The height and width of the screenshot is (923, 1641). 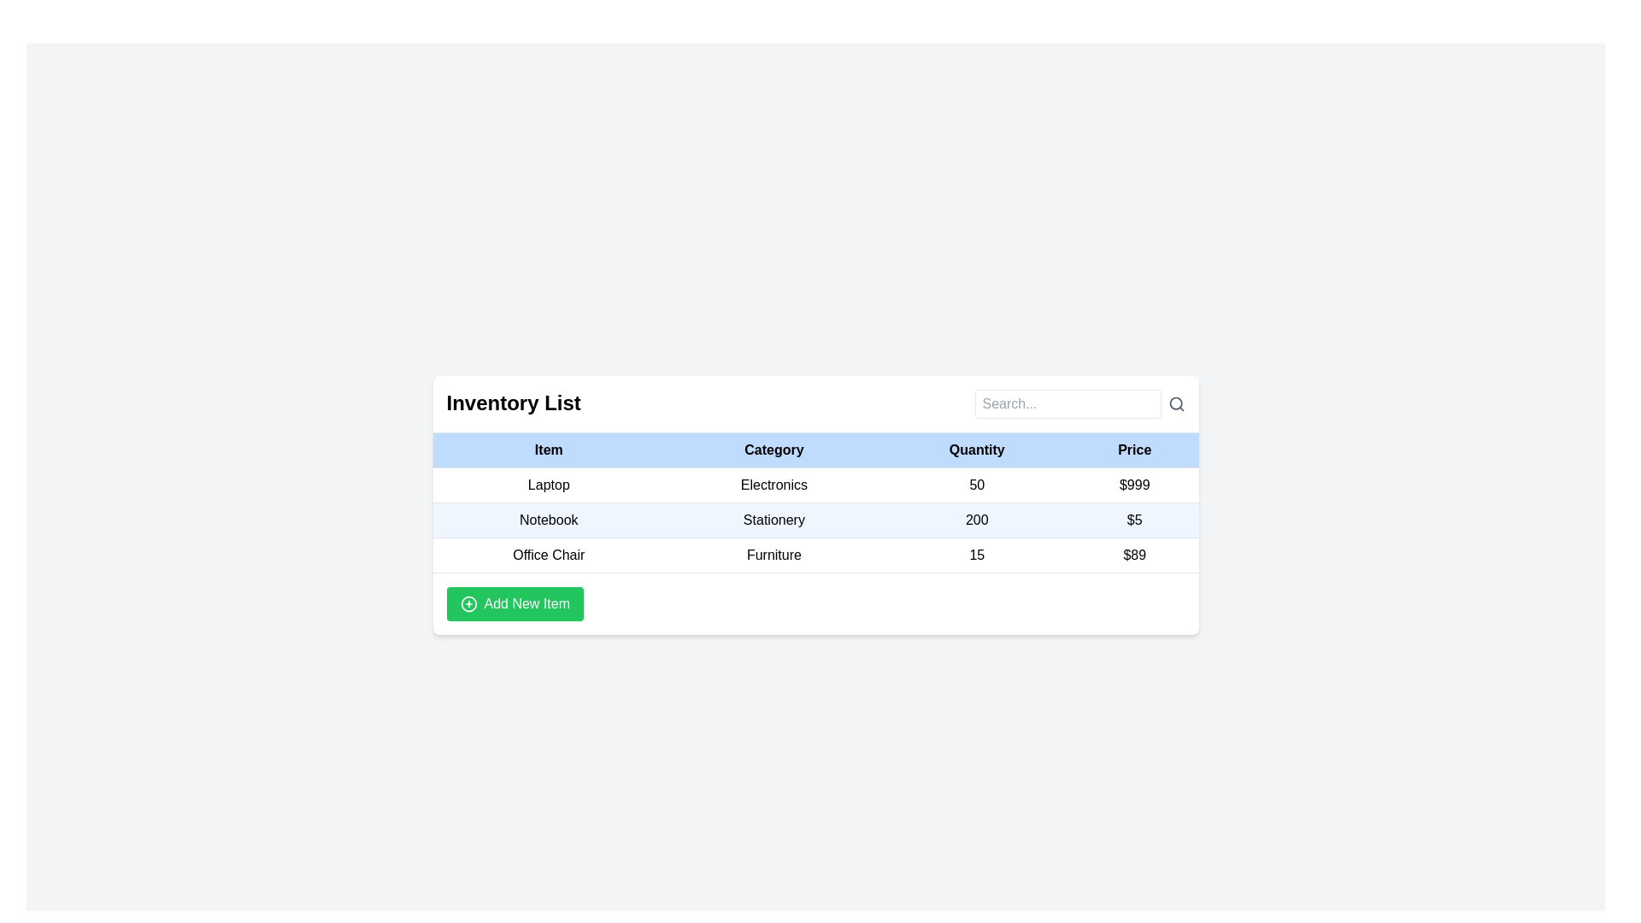 What do you see at coordinates (1134, 519) in the screenshot?
I see `the Text label displaying the monetary value for the 'Notebook' item in the second row under the 'Price' column` at bounding box center [1134, 519].